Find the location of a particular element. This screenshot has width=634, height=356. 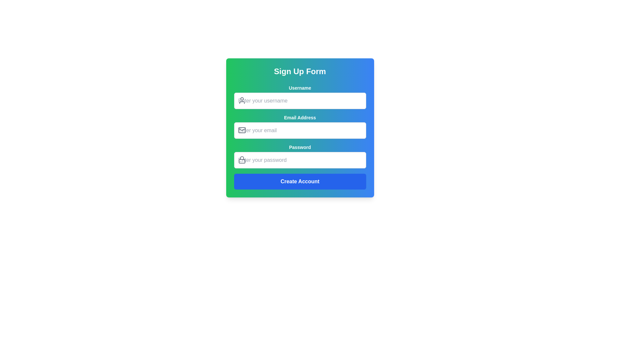

the 'Username' text label, which is styled with a small, bold, white font and positioned at the top-center of the sign-up form, directly above the username input field is located at coordinates (299, 87).